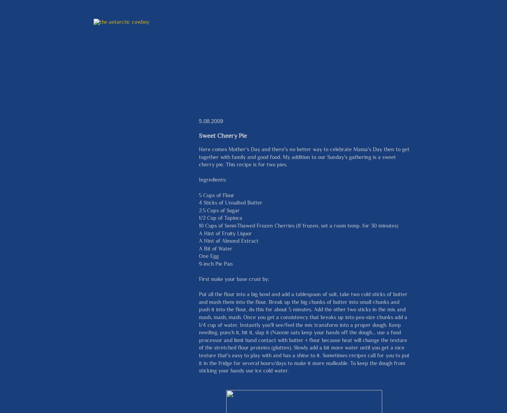 This screenshot has width=507, height=413. Describe the element at coordinates (211, 121) in the screenshot. I see `'5.08.2009'` at that location.